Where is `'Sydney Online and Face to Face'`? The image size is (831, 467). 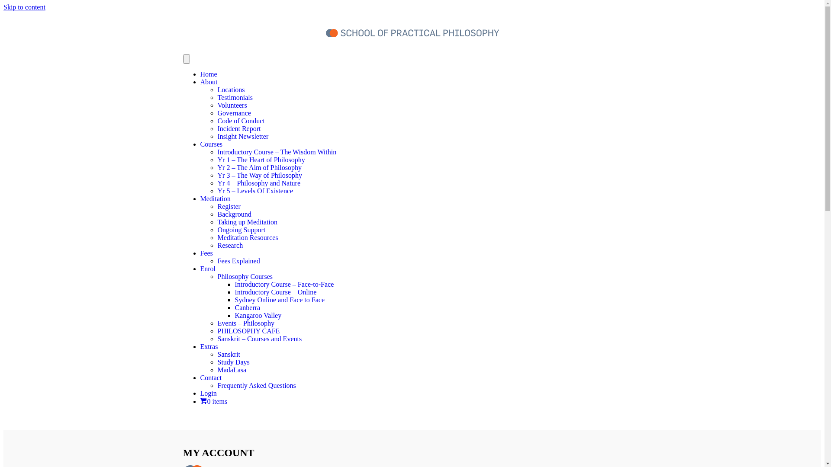
'Sydney Online and Face to Face' is located at coordinates (280, 299).